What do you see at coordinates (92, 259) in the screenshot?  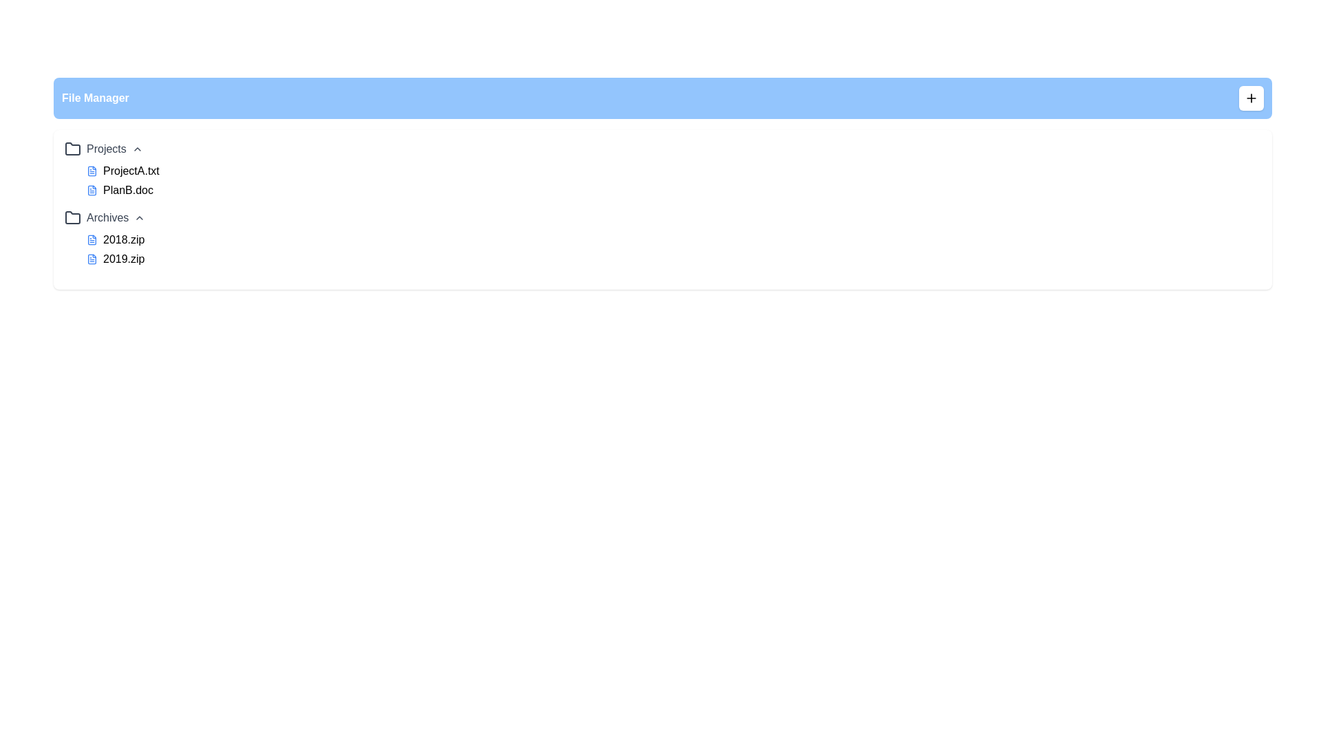 I see `the file icon representing '2019.zip' in the archive list of the file manager section` at bounding box center [92, 259].